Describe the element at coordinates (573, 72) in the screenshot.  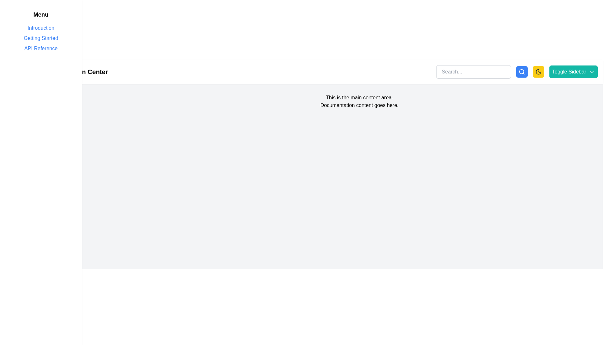
I see `the button located on the far right of the horizontal toolbar to trigger visual feedback` at that location.